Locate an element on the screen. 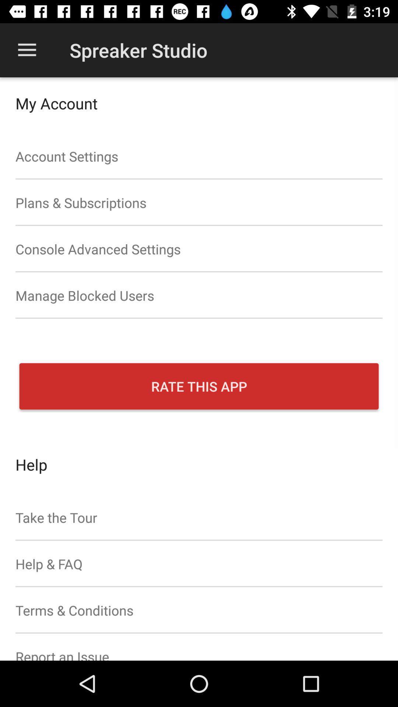 This screenshot has width=398, height=707. help & faq item is located at coordinates (199, 563).